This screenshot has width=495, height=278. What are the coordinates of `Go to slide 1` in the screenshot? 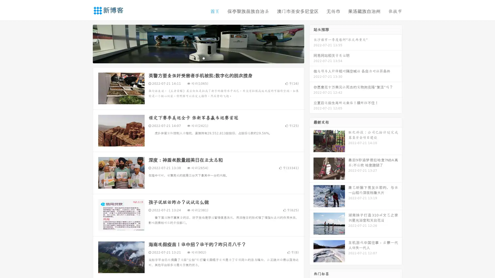 It's located at (193, 58).